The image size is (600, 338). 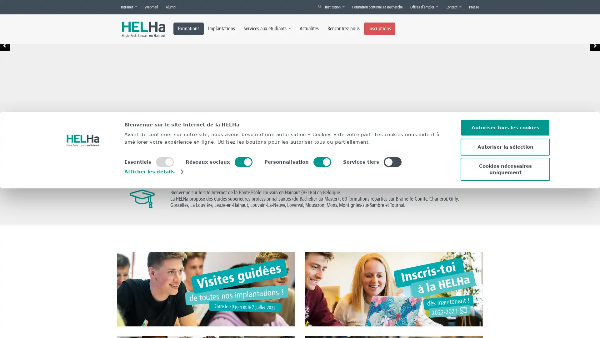 What do you see at coordinates (505, 277) in the screenshot?
I see `Autoriser tous les cookies` at bounding box center [505, 277].